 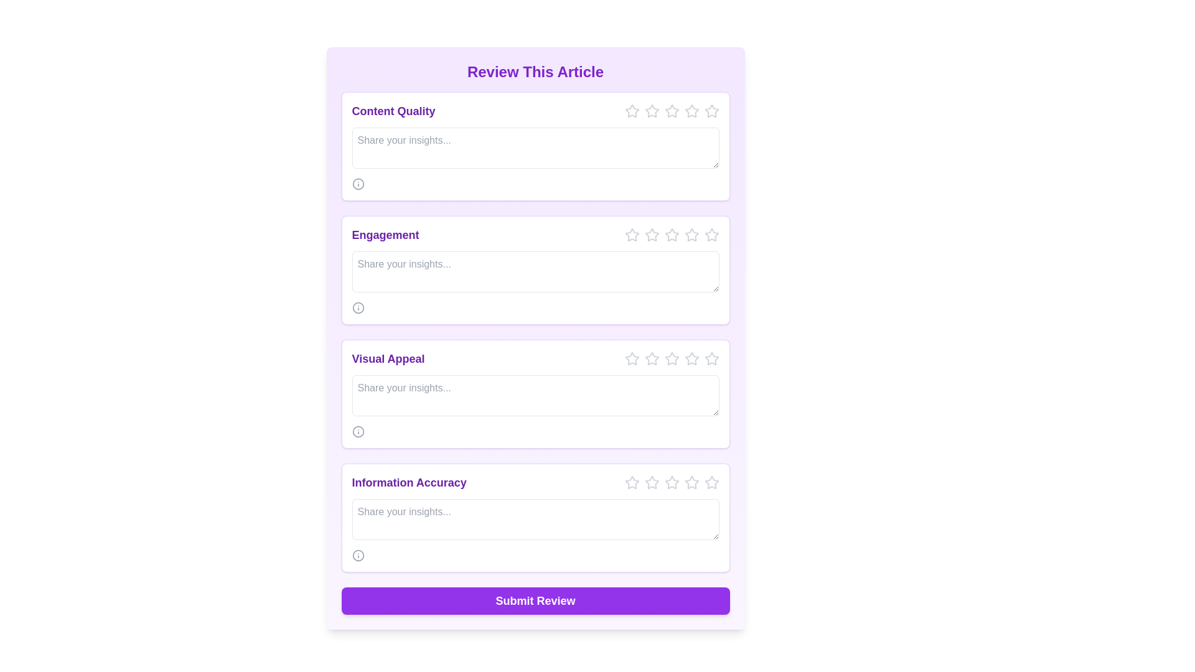 What do you see at coordinates (632, 110) in the screenshot?
I see `the first star icon in the Interactive star rating system under the 'Content Quality' section` at bounding box center [632, 110].